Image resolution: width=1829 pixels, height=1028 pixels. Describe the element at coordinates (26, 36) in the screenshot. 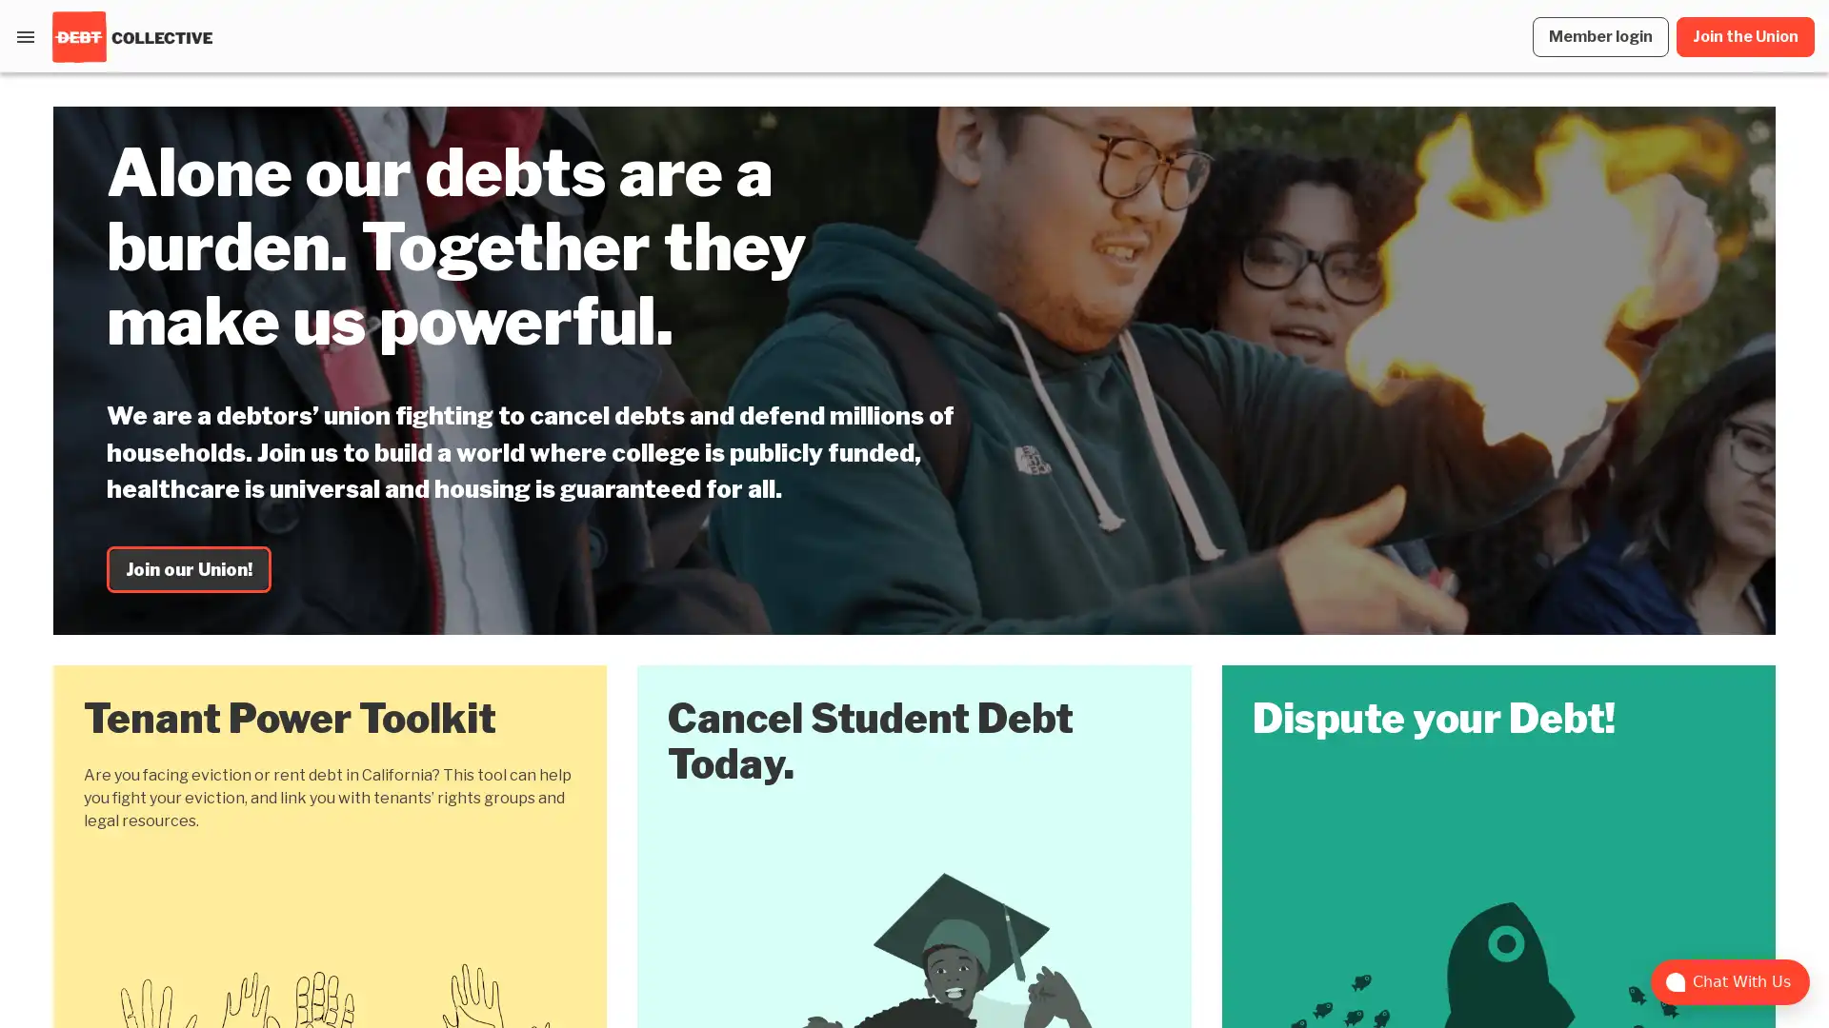

I see `menu` at that location.